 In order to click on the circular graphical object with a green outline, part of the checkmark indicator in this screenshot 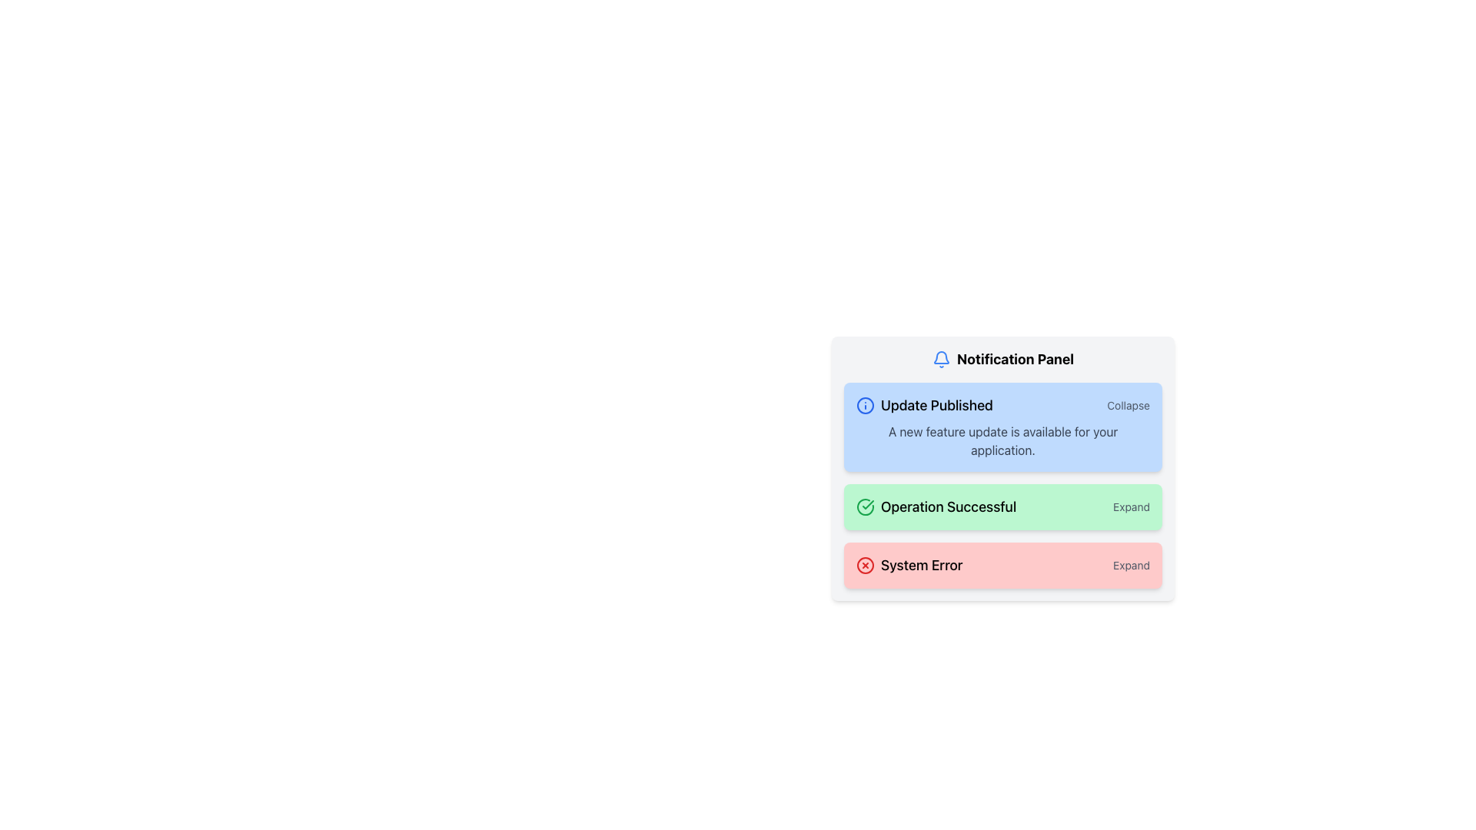, I will do `click(866, 506)`.